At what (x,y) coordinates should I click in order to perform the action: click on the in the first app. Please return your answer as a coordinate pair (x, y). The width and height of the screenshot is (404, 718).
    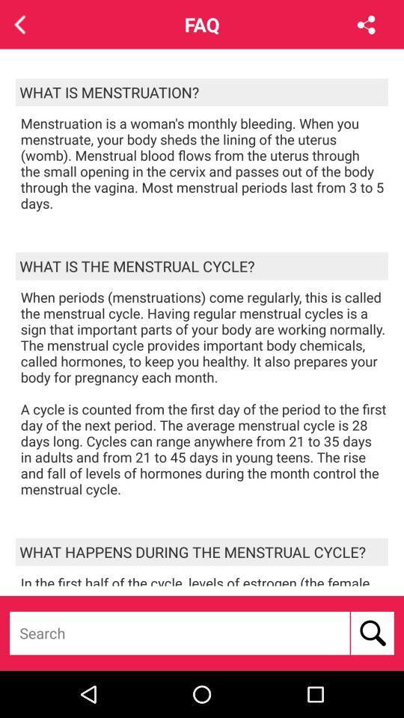
    Looking at the image, I should click on (203, 579).